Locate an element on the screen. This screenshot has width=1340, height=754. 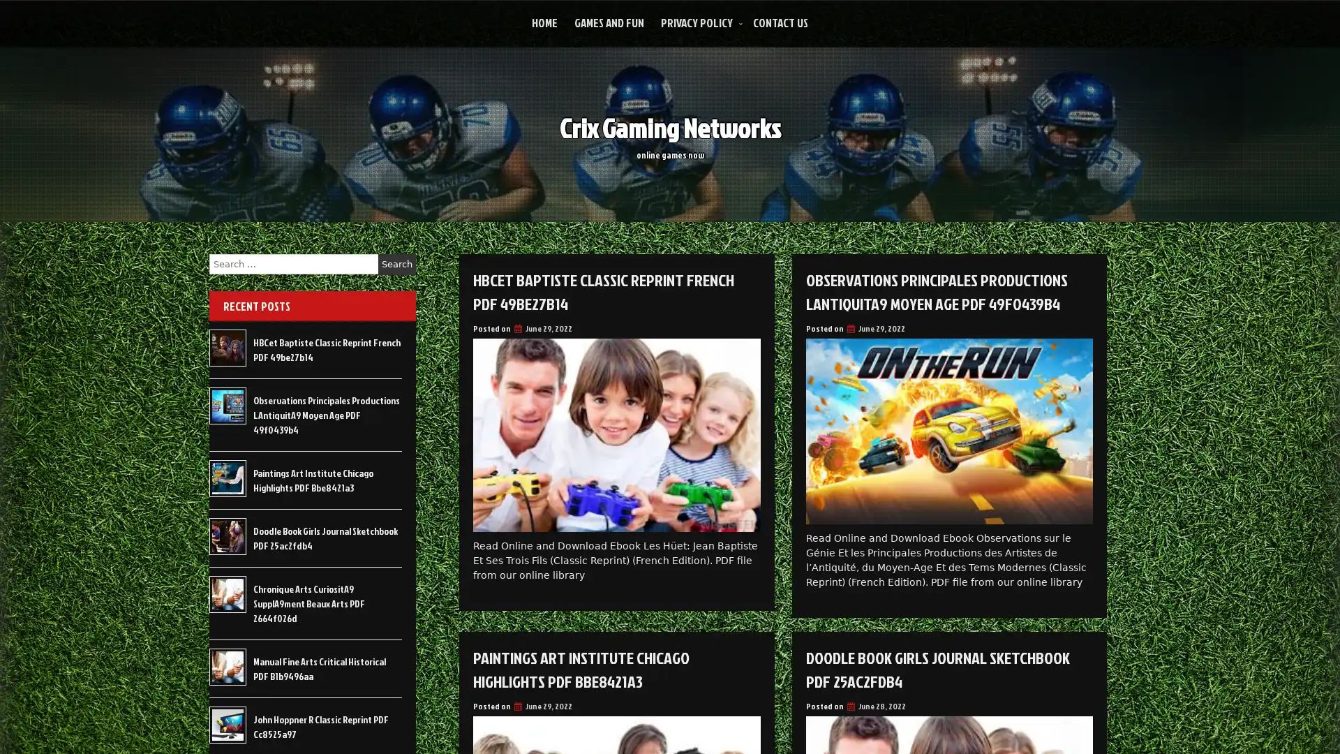
Search is located at coordinates (396, 264).